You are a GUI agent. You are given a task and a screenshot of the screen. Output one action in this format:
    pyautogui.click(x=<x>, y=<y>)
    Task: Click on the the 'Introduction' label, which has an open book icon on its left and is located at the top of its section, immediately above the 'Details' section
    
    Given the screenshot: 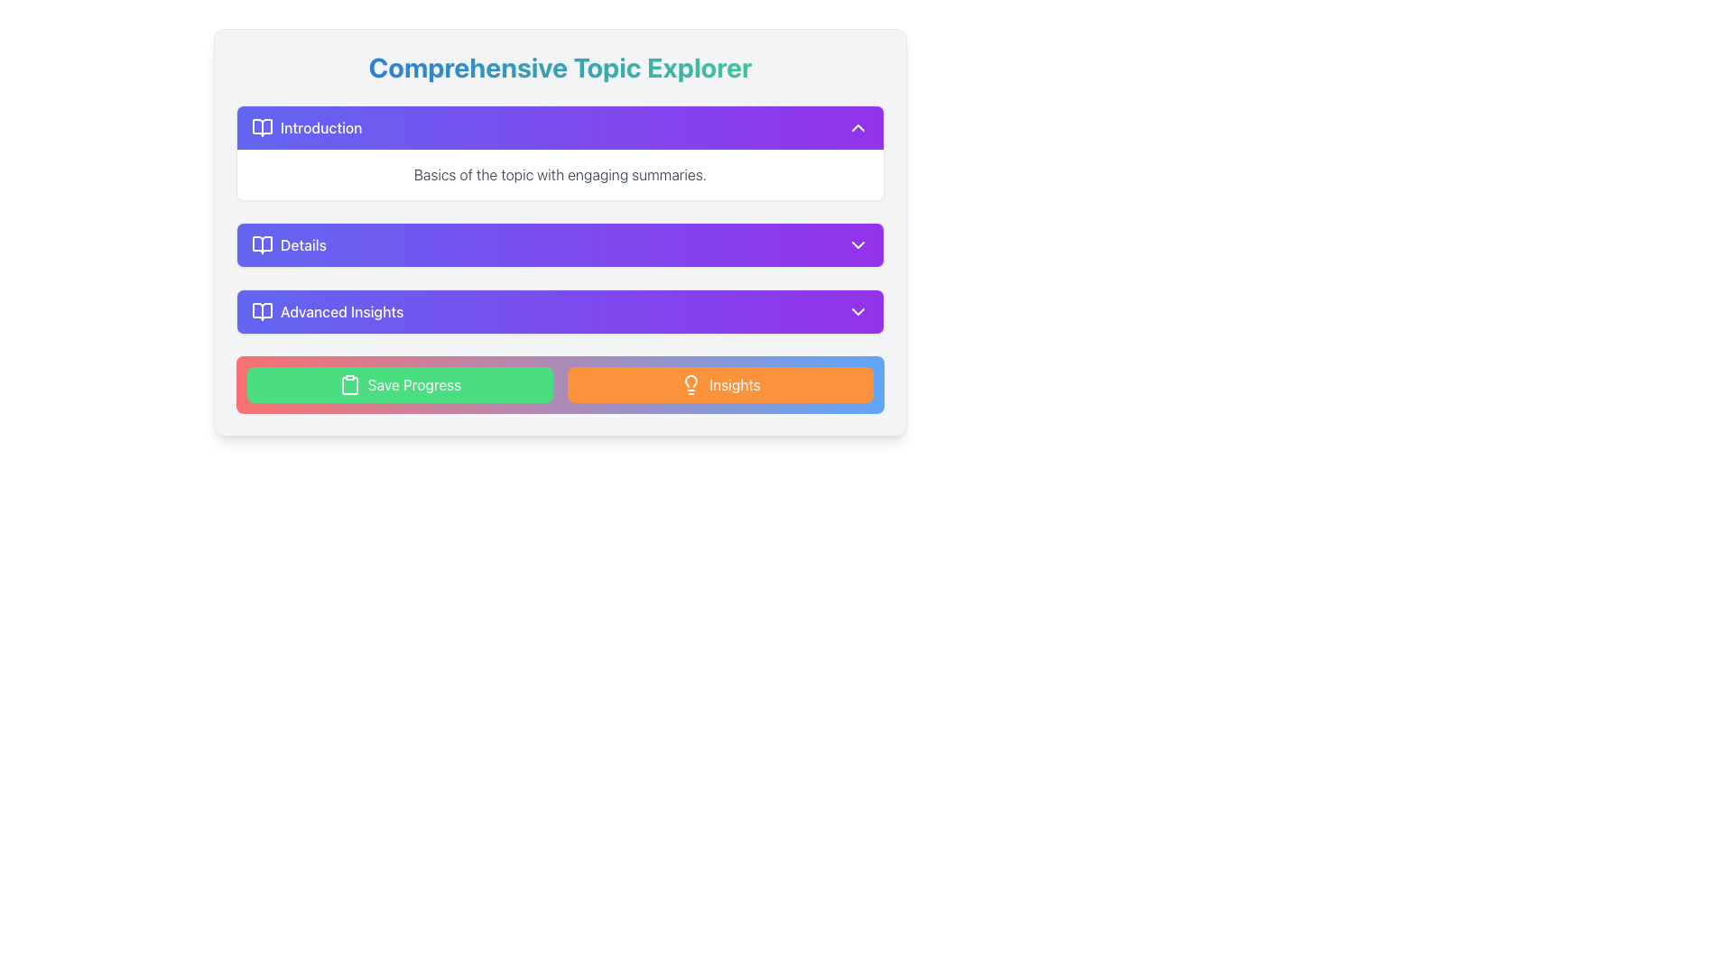 What is the action you would take?
    pyautogui.click(x=307, y=127)
    